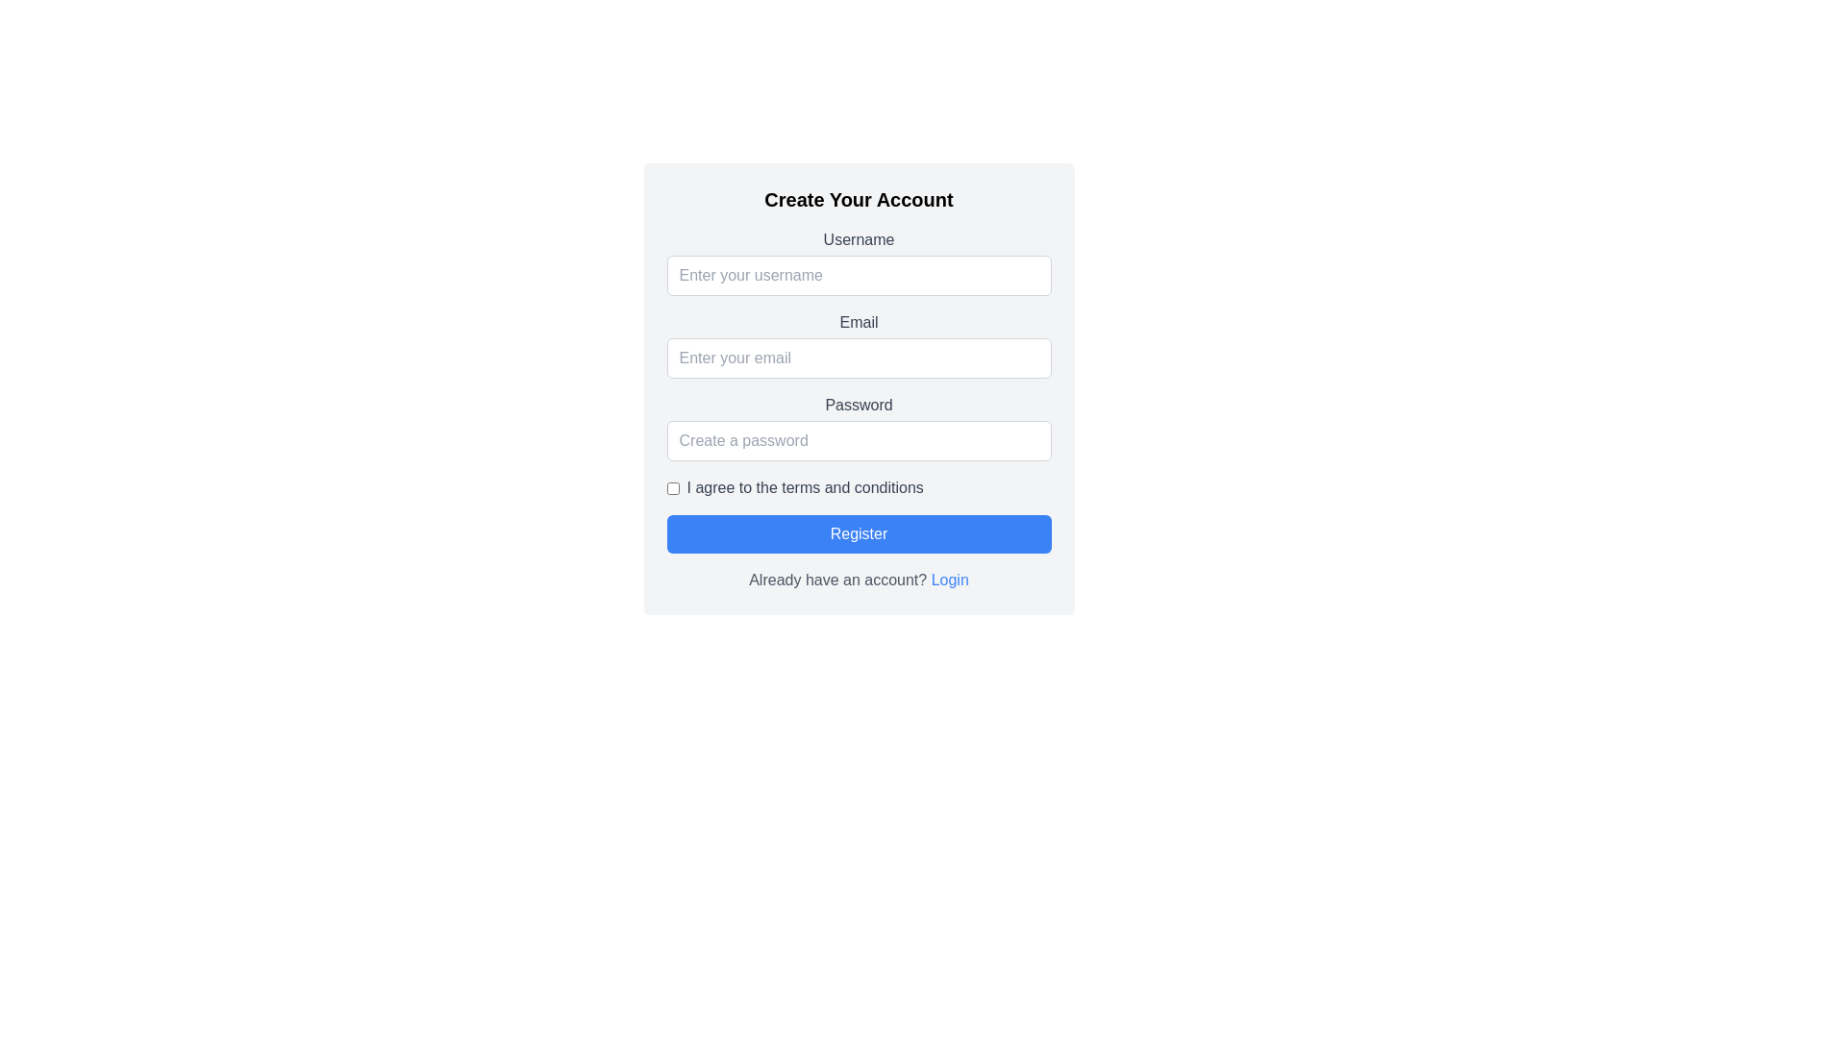 The image size is (1846, 1038). Describe the element at coordinates (805, 487) in the screenshot. I see `the static text label displaying 'I agree to the terms and conditions', which is located next to a checkbox in the agreement section below the password creation field and above the 'Register' button` at that location.